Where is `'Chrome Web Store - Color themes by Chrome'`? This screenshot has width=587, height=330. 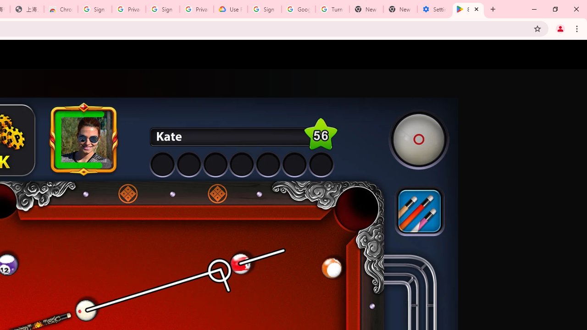 'Chrome Web Store - Color themes by Chrome' is located at coordinates (61, 9).